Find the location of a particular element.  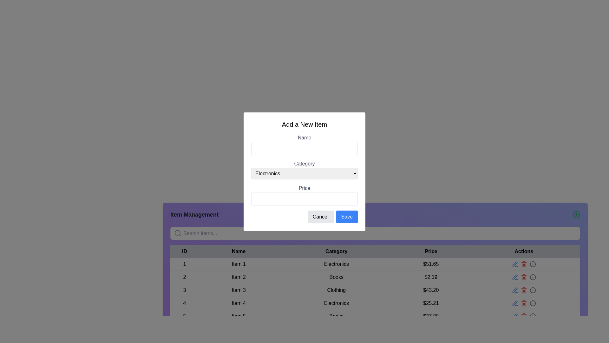

the delete icon in the action column of the item management table is located at coordinates (524, 265).